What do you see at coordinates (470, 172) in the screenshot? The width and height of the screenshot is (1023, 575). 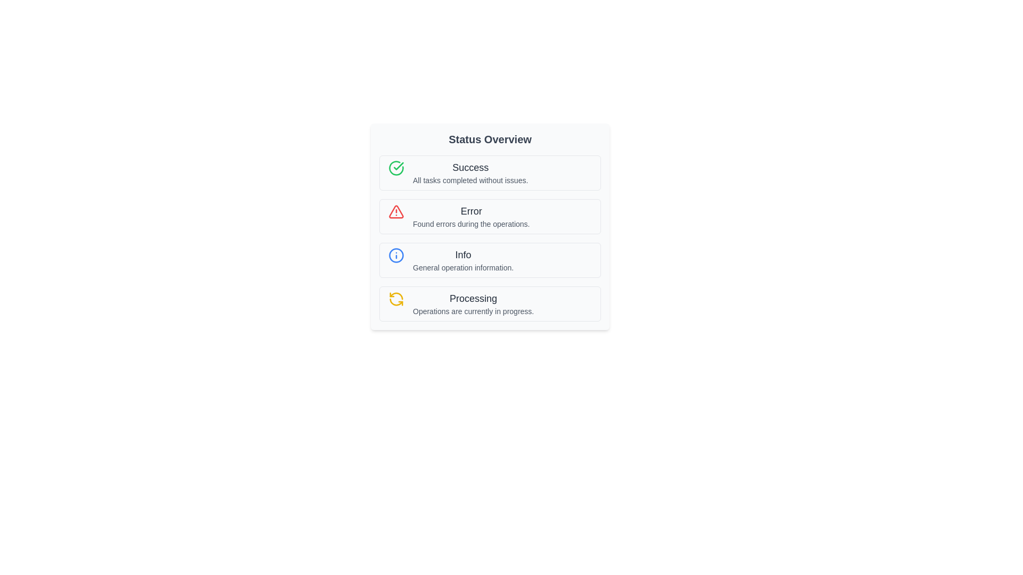 I see `the text block that displays 'Success' and the subtitle 'All tasks completed without issues.' located centrally beneath the 'Status Overview' heading` at bounding box center [470, 172].